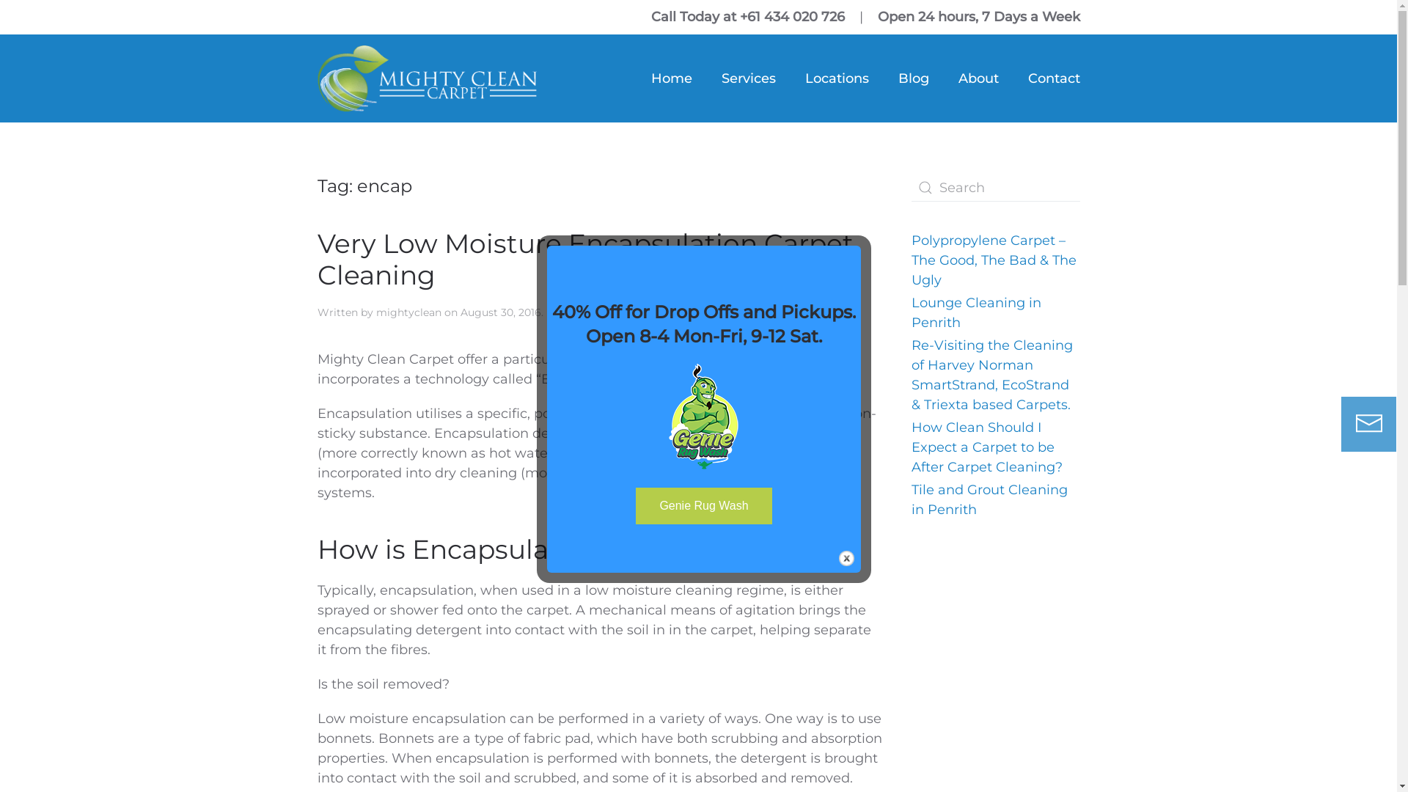  What do you see at coordinates (978, 78) in the screenshot?
I see `'About'` at bounding box center [978, 78].